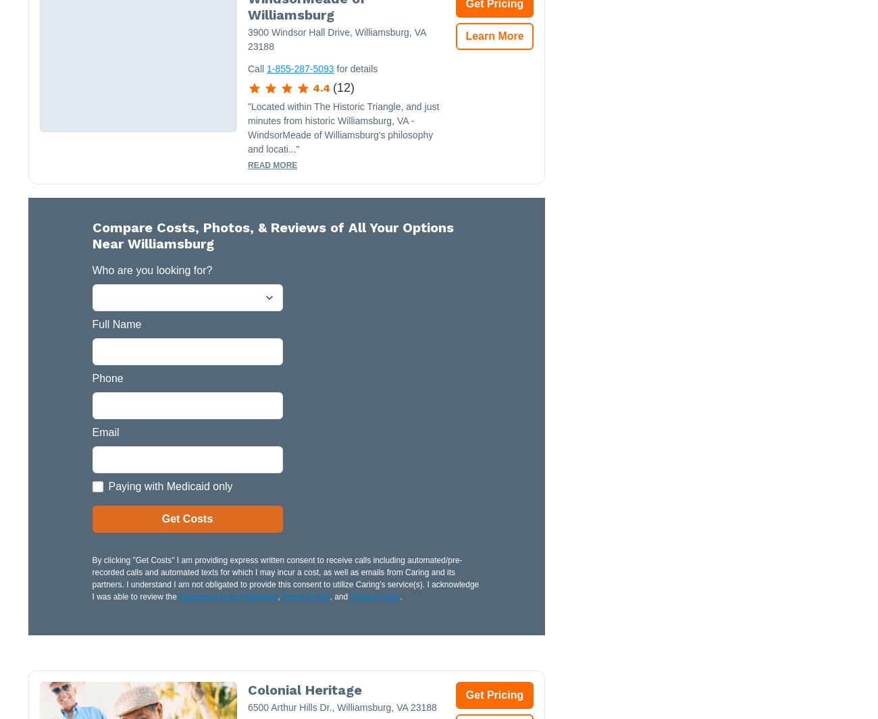  What do you see at coordinates (336, 87) in the screenshot?
I see `'12'` at bounding box center [336, 87].